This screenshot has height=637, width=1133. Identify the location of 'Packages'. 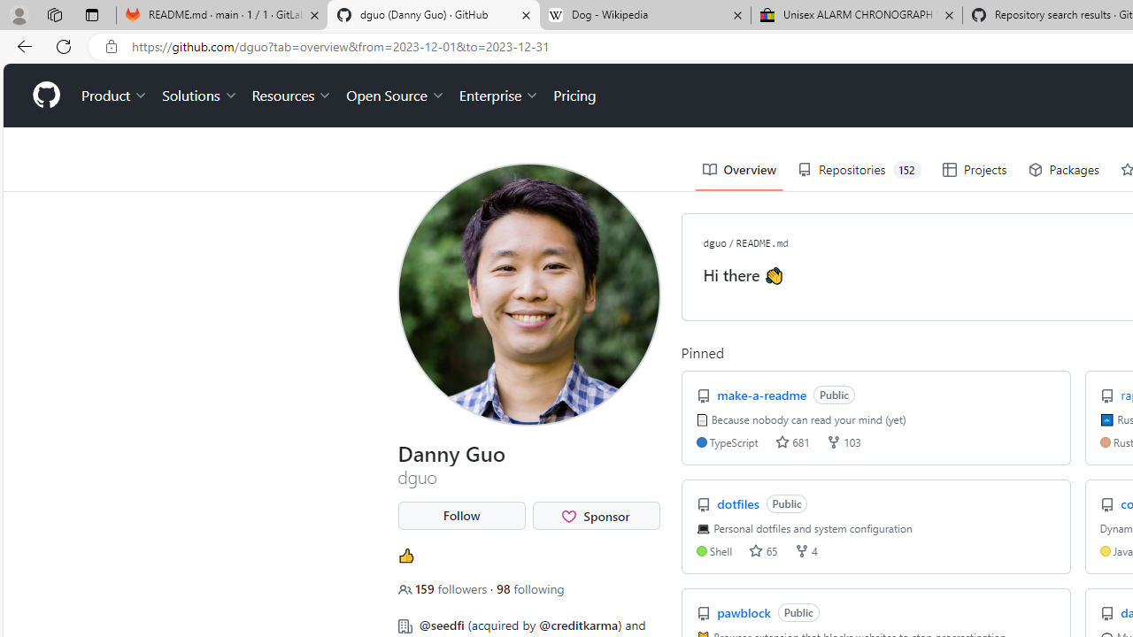
(1062, 170).